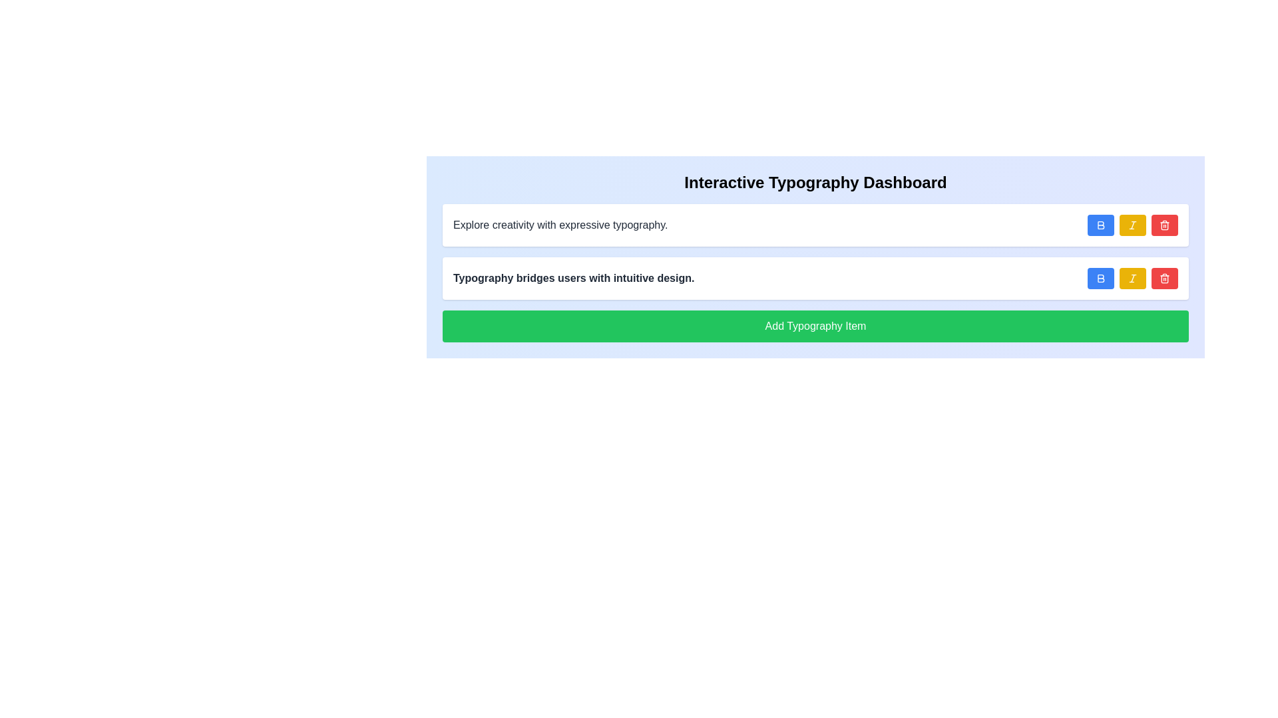 This screenshot has width=1278, height=718. What do you see at coordinates (1164, 279) in the screenshot?
I see `the main body of the trash icon, which visually represents the delete functionality and is located on the right side of the user options section` at bounding box center [1164, 279].